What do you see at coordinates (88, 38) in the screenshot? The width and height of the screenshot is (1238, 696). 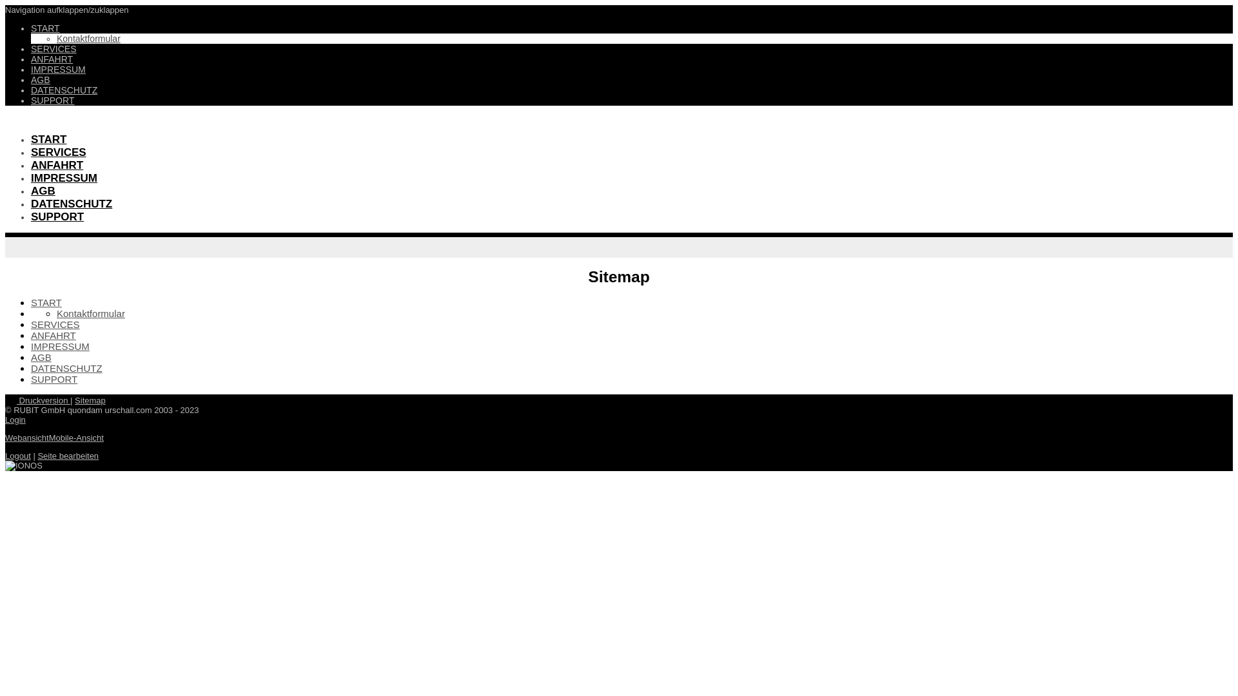 I see `'Kontaktformular'` at bounding box center [88, 38].